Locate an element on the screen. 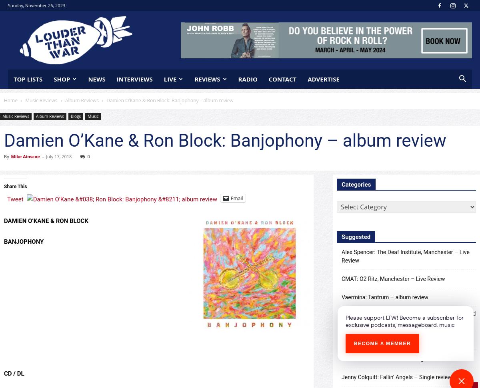 The image size is (480, 388). 'Unbelievable!!! EMF return with new Single, Album and Tour!' is located at coordinates (408, 318).